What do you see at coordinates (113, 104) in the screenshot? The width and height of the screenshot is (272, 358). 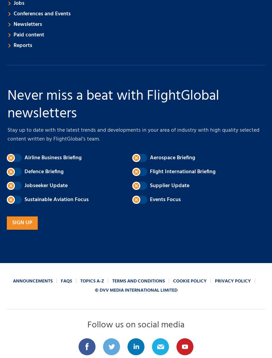 I see `'Never miss a beat with FlightGlobal newsletters'` at bounding box center [113, 104].